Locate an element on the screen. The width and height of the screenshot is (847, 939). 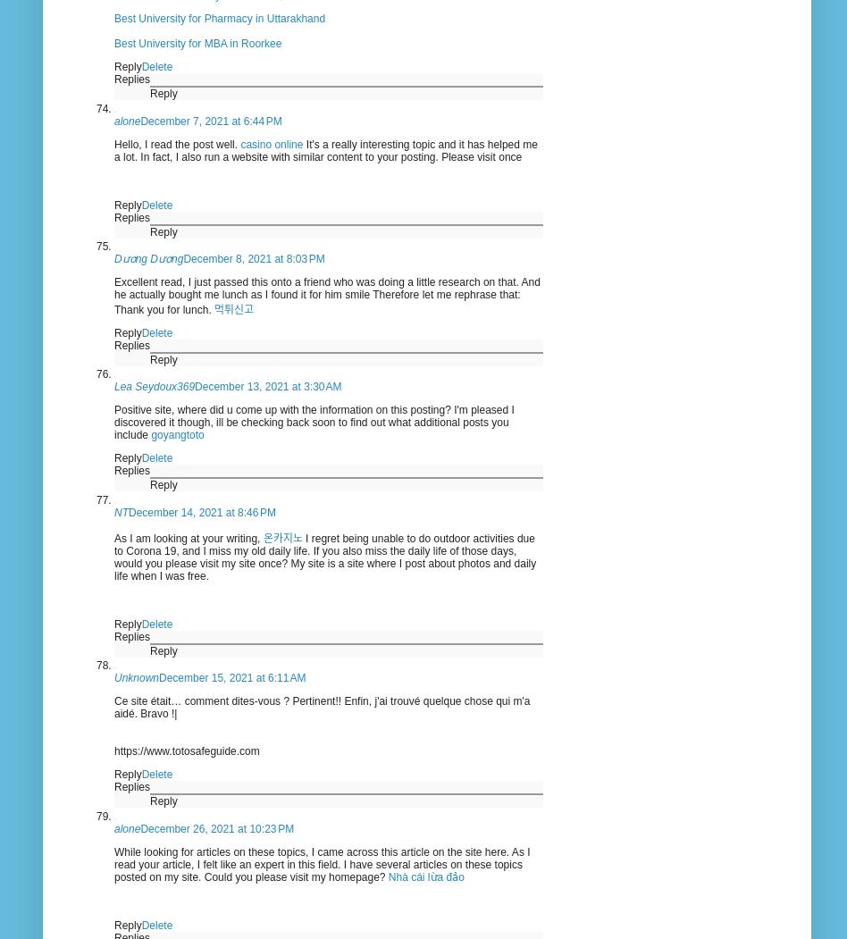
'Best University for Pharmacy in Uttarakhand' is located at coordinates (220, 19).